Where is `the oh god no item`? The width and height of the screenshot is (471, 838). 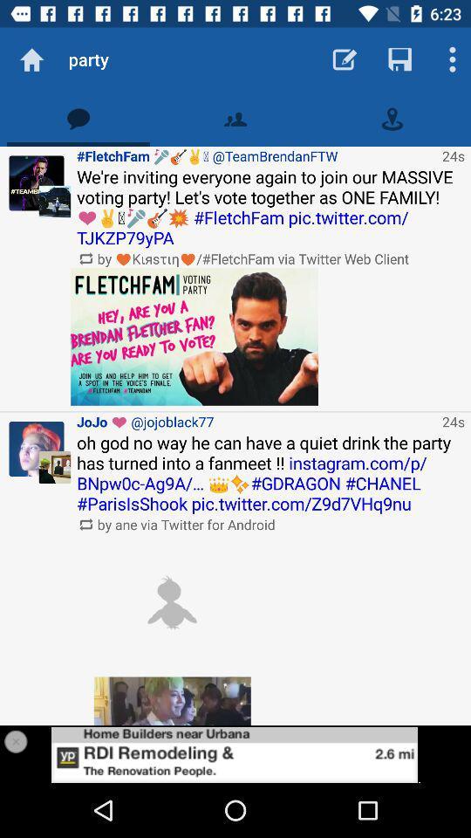 the oh god no item is located at coordinates (270, 473).